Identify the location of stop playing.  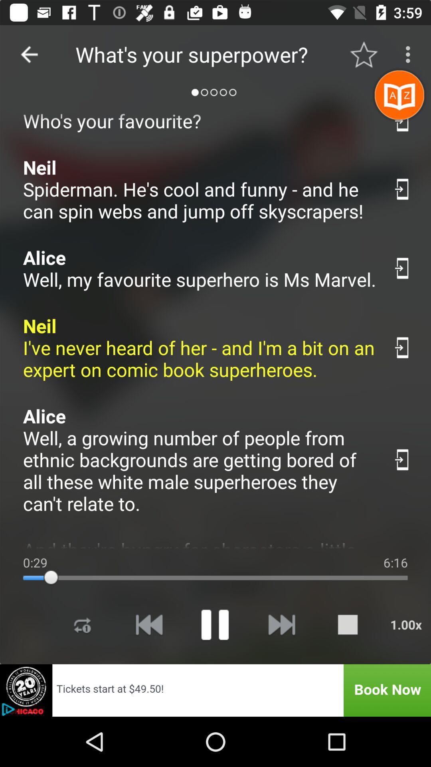
(347, 624).